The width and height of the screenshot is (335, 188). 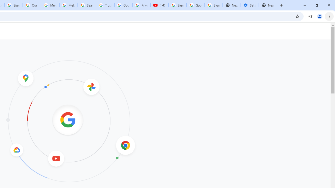 I want to click on 'Control your music, videos, and more', so click(x=310, y=16).